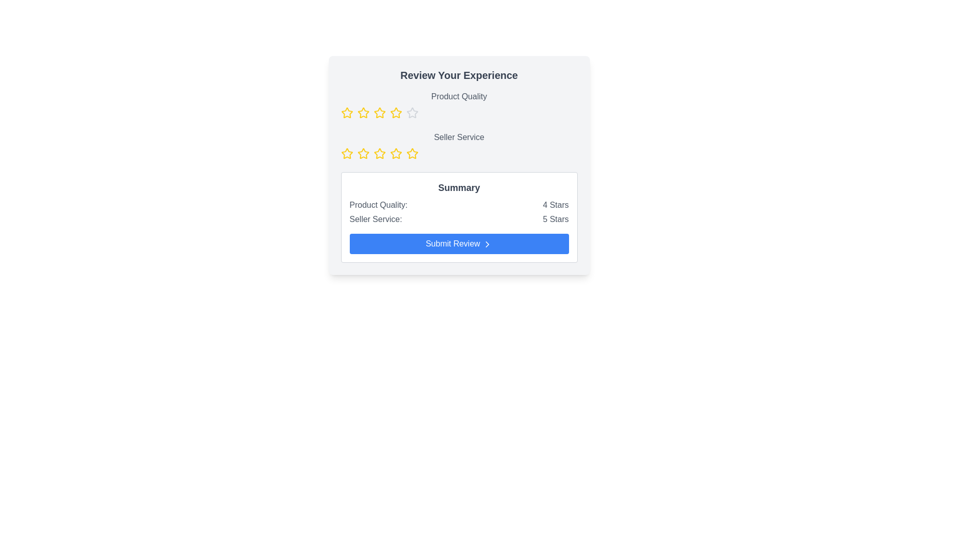 The width and height of the screenshot is (979, 550). Describe the element at coordinates (458, 217) in the screenshot. I see `summary information from the Summary Section located below the 'Review Your Experience' title and star ratings, which includes a brief overview of ratings for product quality and seller service` at that location.